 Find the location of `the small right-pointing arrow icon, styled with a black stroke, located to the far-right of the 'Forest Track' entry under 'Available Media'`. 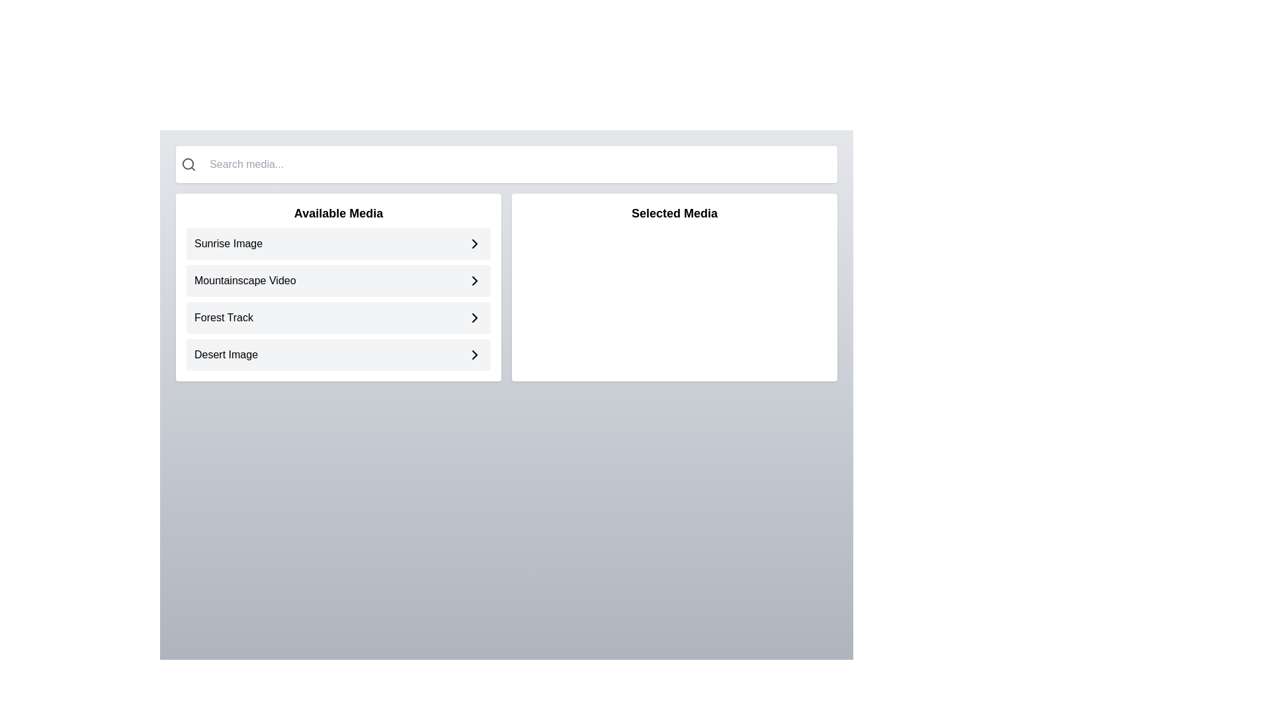

the small right-pointing arrow icon, styled with a black stroke, located to the far-right of the 'Forest Track' entry under 'Available Media' is located at coordinates (475, 318).